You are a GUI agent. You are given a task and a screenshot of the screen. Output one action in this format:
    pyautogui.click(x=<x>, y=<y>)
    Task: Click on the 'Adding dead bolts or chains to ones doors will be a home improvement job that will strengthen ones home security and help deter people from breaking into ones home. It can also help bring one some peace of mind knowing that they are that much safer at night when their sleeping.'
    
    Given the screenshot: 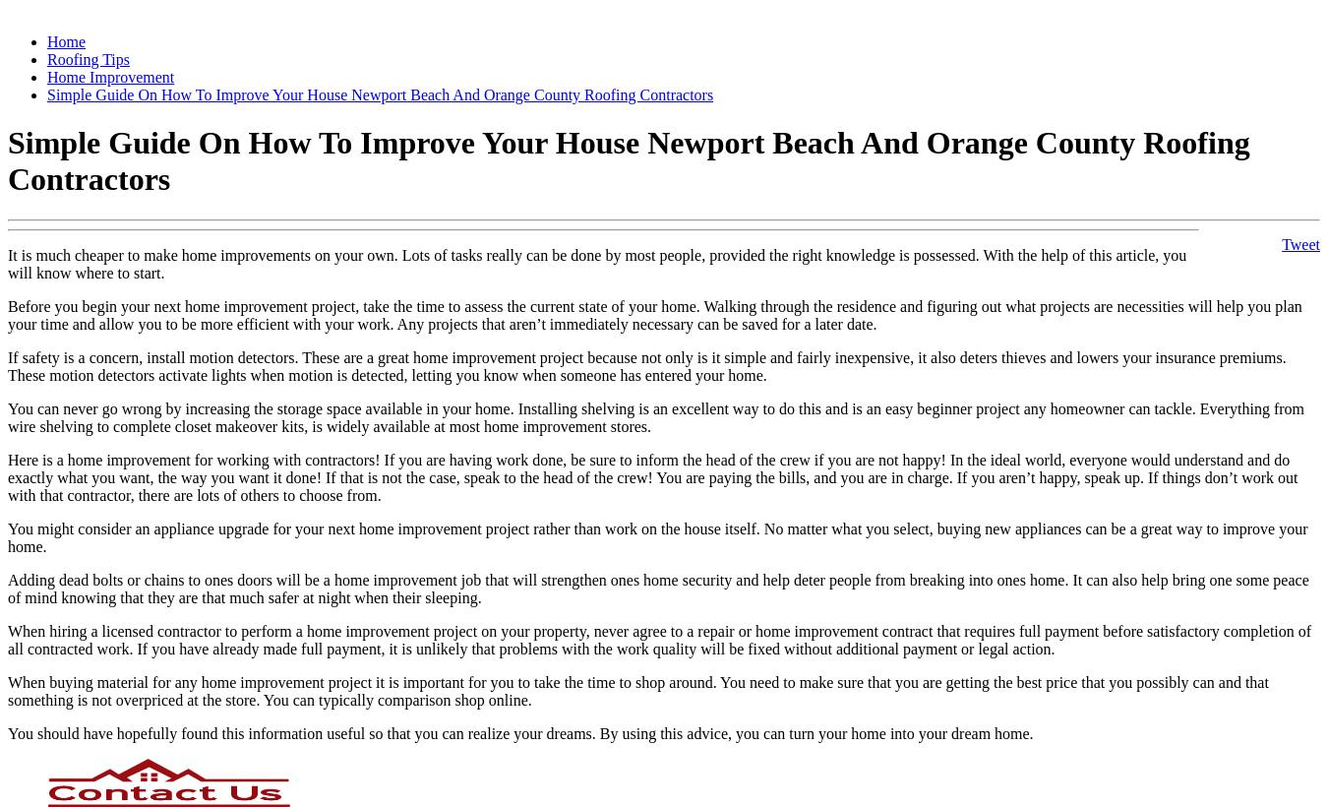 What is the action you would take?
    pyautogui.click(x=658, y=588)
    